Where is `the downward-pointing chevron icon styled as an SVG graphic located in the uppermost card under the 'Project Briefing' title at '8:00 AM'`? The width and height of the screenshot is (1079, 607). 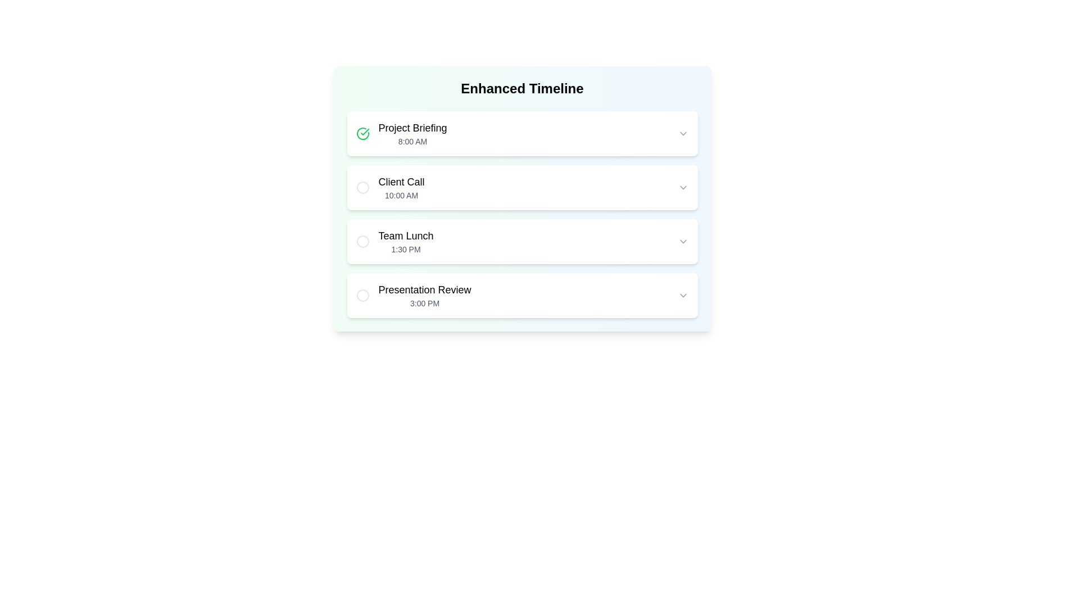 the downward-pointing chevron icon styled as an SVG graphic located in the uppermost card under the 'Project Briefing' title at '8:00 AM' is located at coordinates (682, 133).